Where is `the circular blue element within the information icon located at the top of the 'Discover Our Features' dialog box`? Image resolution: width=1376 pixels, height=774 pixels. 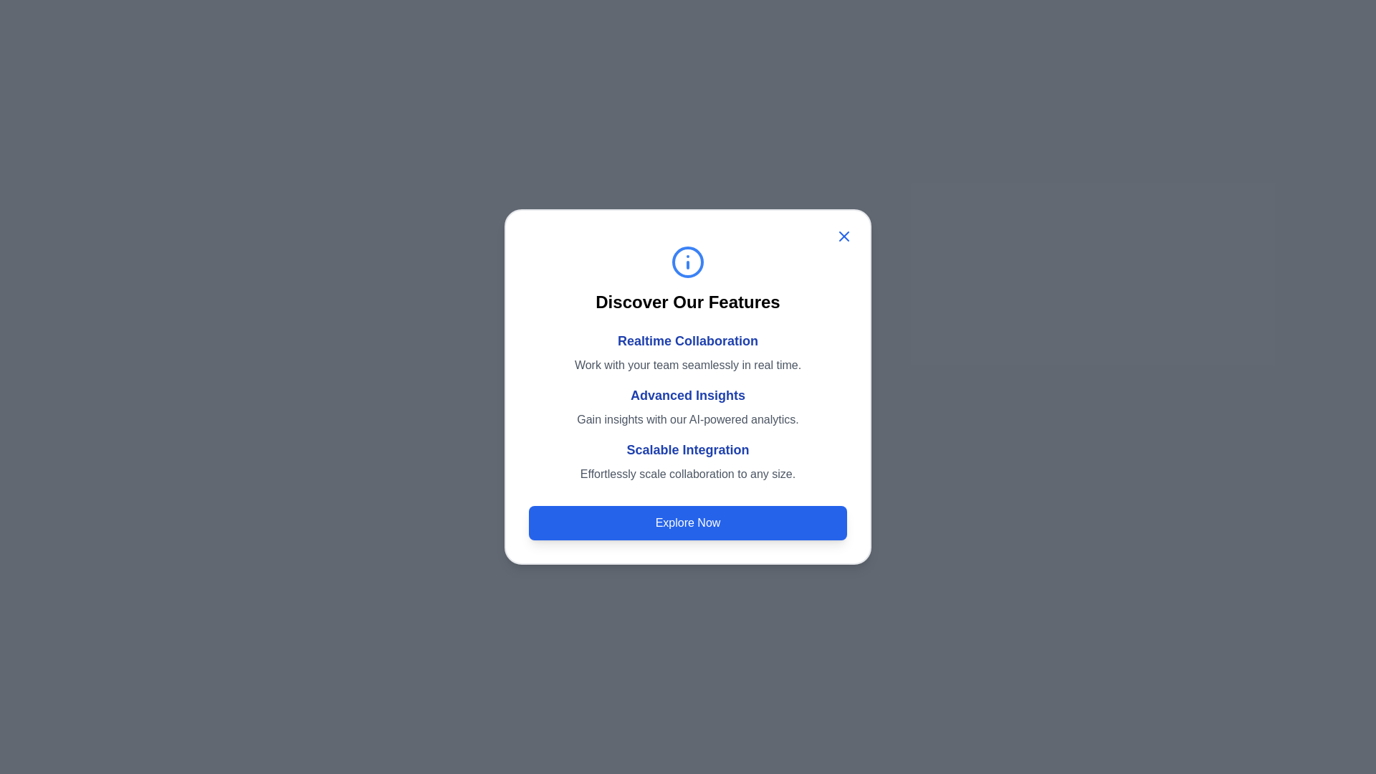 the circular blue element within the information icon located at the top of the 'Discover Our Features' dialog box is located at coordinates (688, 262).